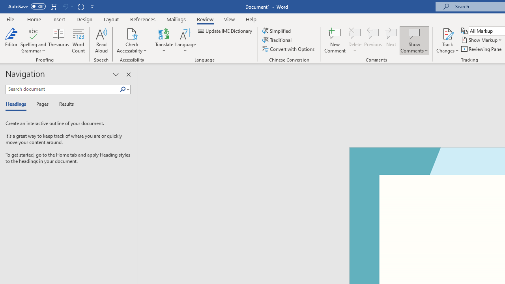  What do you see at coordinates (447, 33) in the screenshot?
I see `'Track Changes'` at bounding box center [447, 33].